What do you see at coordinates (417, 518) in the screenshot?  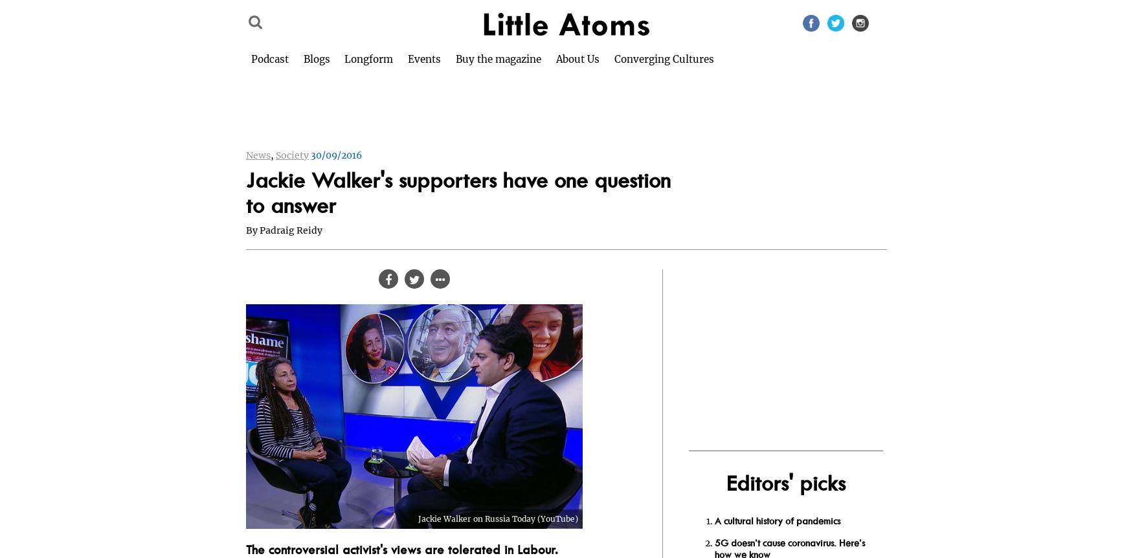 I see `'Jackie Walker on Russia Today (YouTube)'` at bounding box center [417, 518].